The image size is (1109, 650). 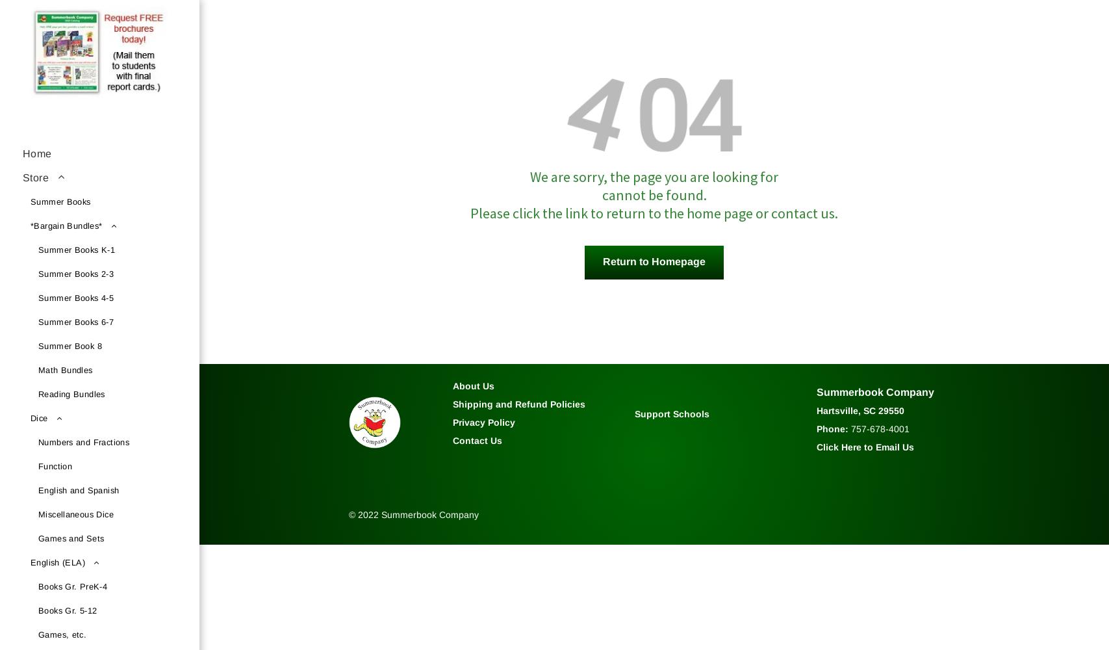 What do you see at coordinates (66, 225) in the screenshot?
I see `'*Bargain Bundles*'` at bounding box center [66, 225].